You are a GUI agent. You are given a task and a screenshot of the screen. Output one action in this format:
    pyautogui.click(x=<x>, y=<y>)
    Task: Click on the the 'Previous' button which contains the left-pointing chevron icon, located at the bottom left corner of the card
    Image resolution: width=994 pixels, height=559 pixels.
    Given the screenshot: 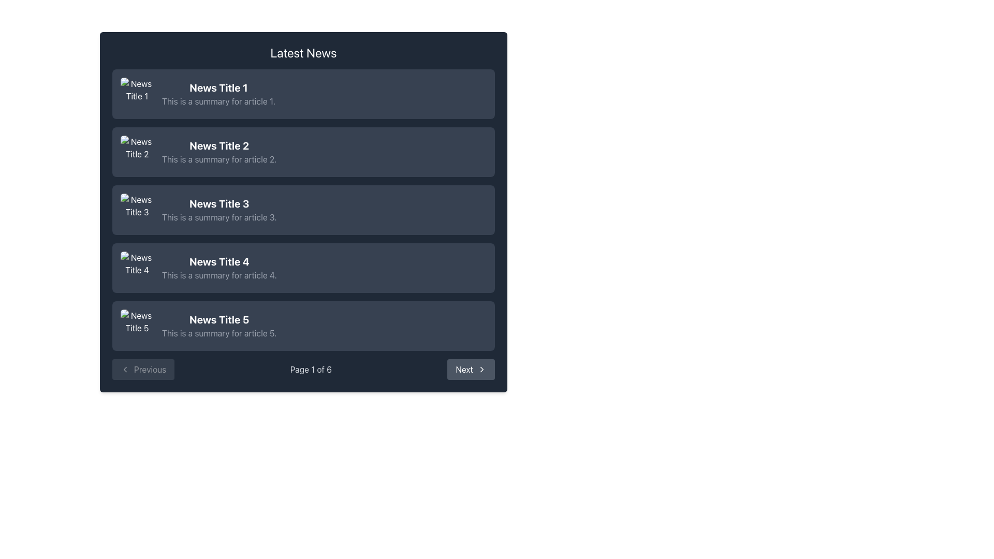 What is the action you would take?
    pyautogui.click(x=124, y=369)
    